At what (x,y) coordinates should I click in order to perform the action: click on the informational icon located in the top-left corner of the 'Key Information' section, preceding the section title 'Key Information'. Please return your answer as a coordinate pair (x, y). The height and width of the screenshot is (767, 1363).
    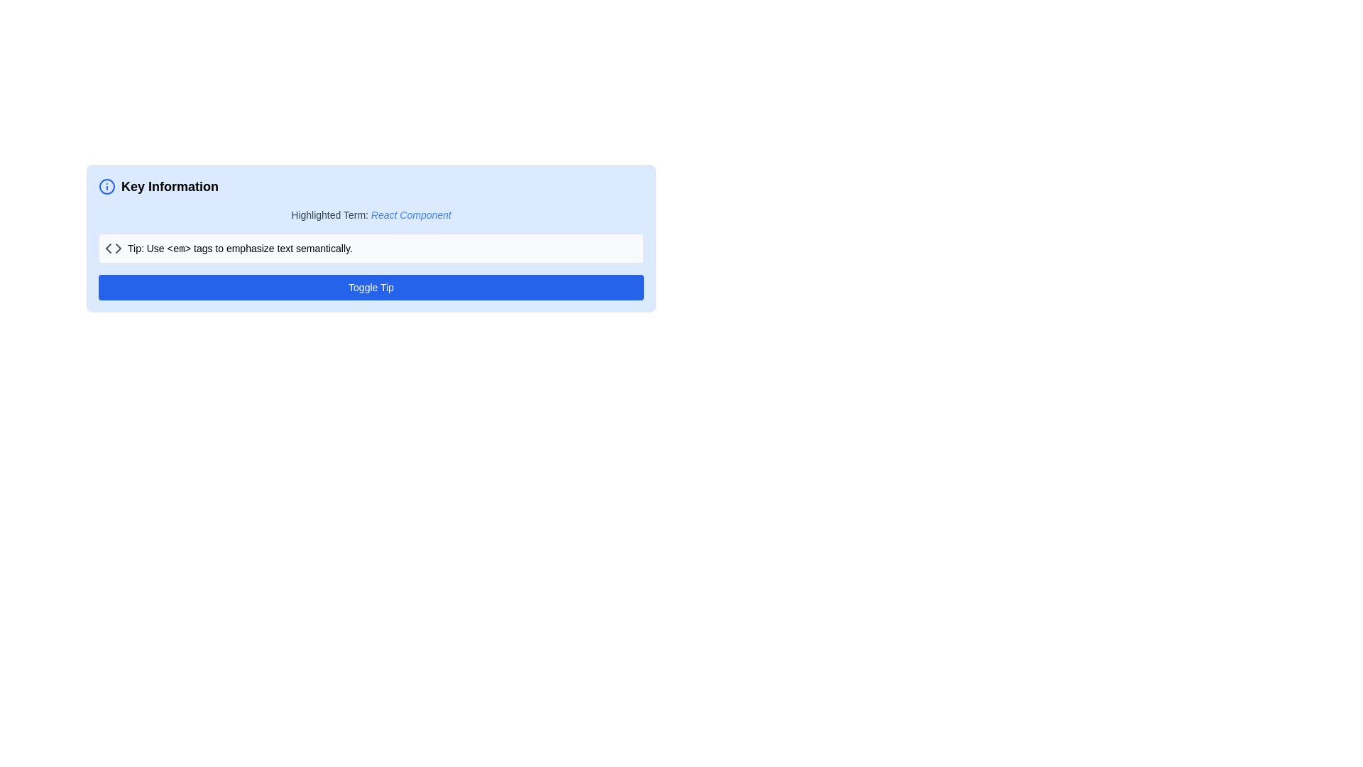
    Looking at the image, I should click on (106, 185).